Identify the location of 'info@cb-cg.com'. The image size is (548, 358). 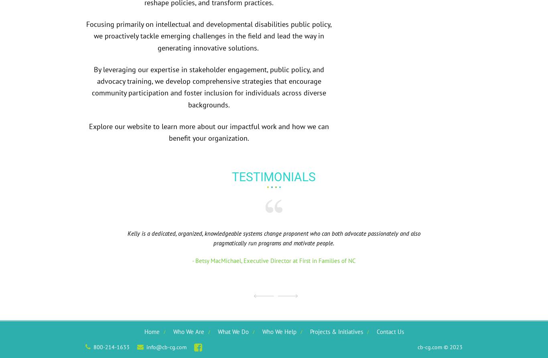
(166, 347).